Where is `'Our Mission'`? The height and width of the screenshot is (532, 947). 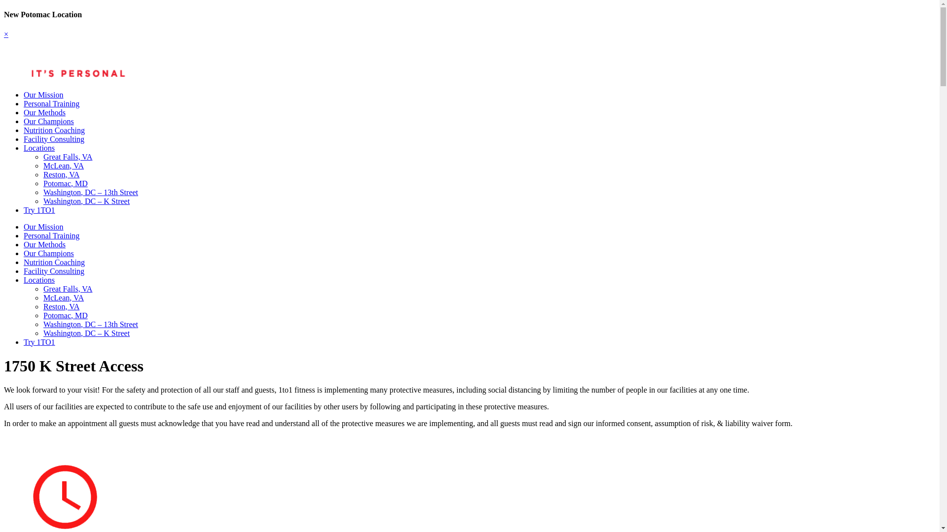
'Our Mission' is located at coordinates (24, 227).